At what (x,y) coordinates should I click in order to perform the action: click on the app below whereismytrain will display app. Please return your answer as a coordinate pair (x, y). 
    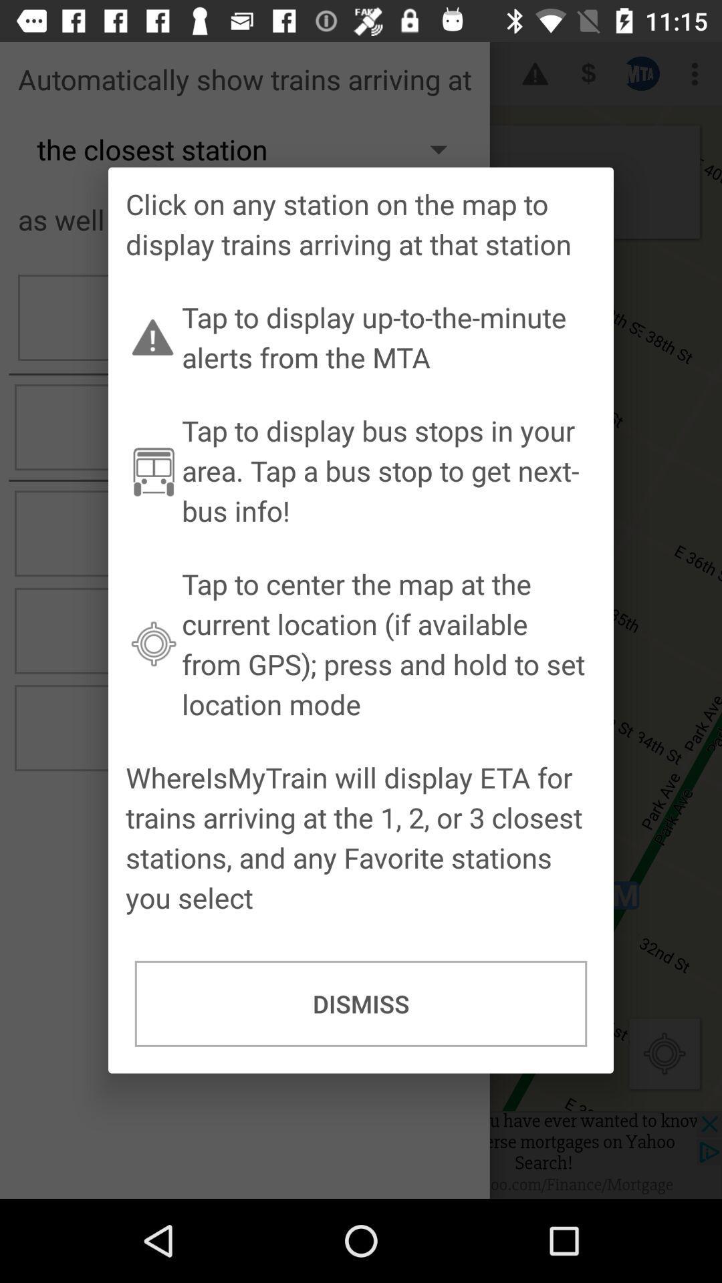
    Looking at the image, I should click on (361, 1004).